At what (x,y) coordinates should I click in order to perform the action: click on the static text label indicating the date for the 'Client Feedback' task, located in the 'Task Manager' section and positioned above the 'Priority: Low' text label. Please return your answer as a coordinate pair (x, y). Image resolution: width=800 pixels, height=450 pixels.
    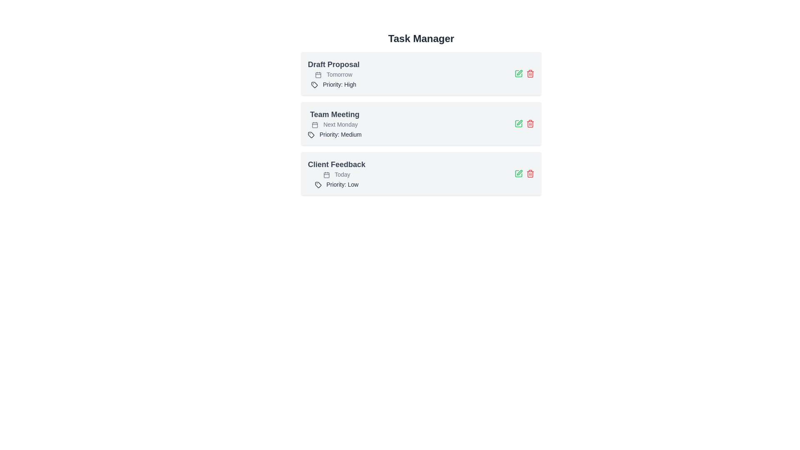
    Looking at the image, I should click on (336, 174).